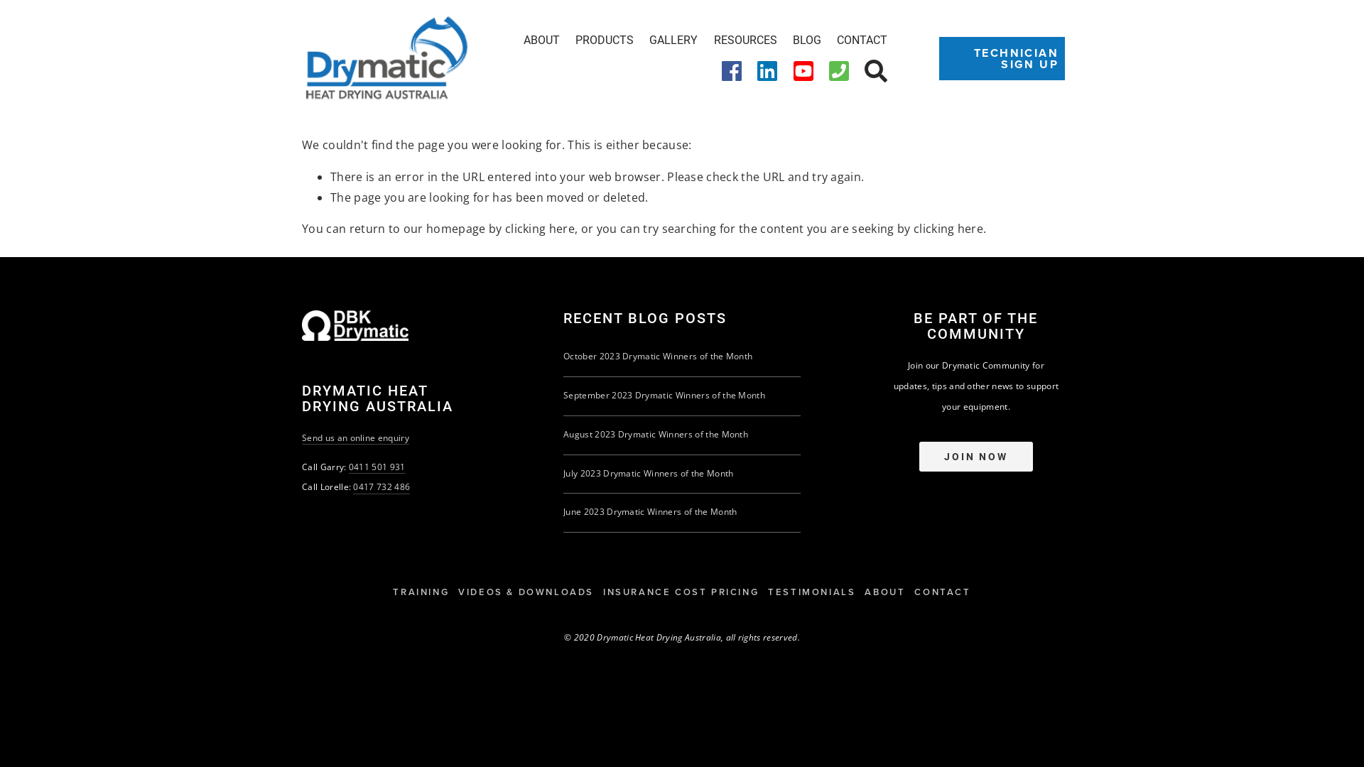 This screenshot has height=767, width=1364. I want to click on 'Send us an online enquiry', so click(355, 437).